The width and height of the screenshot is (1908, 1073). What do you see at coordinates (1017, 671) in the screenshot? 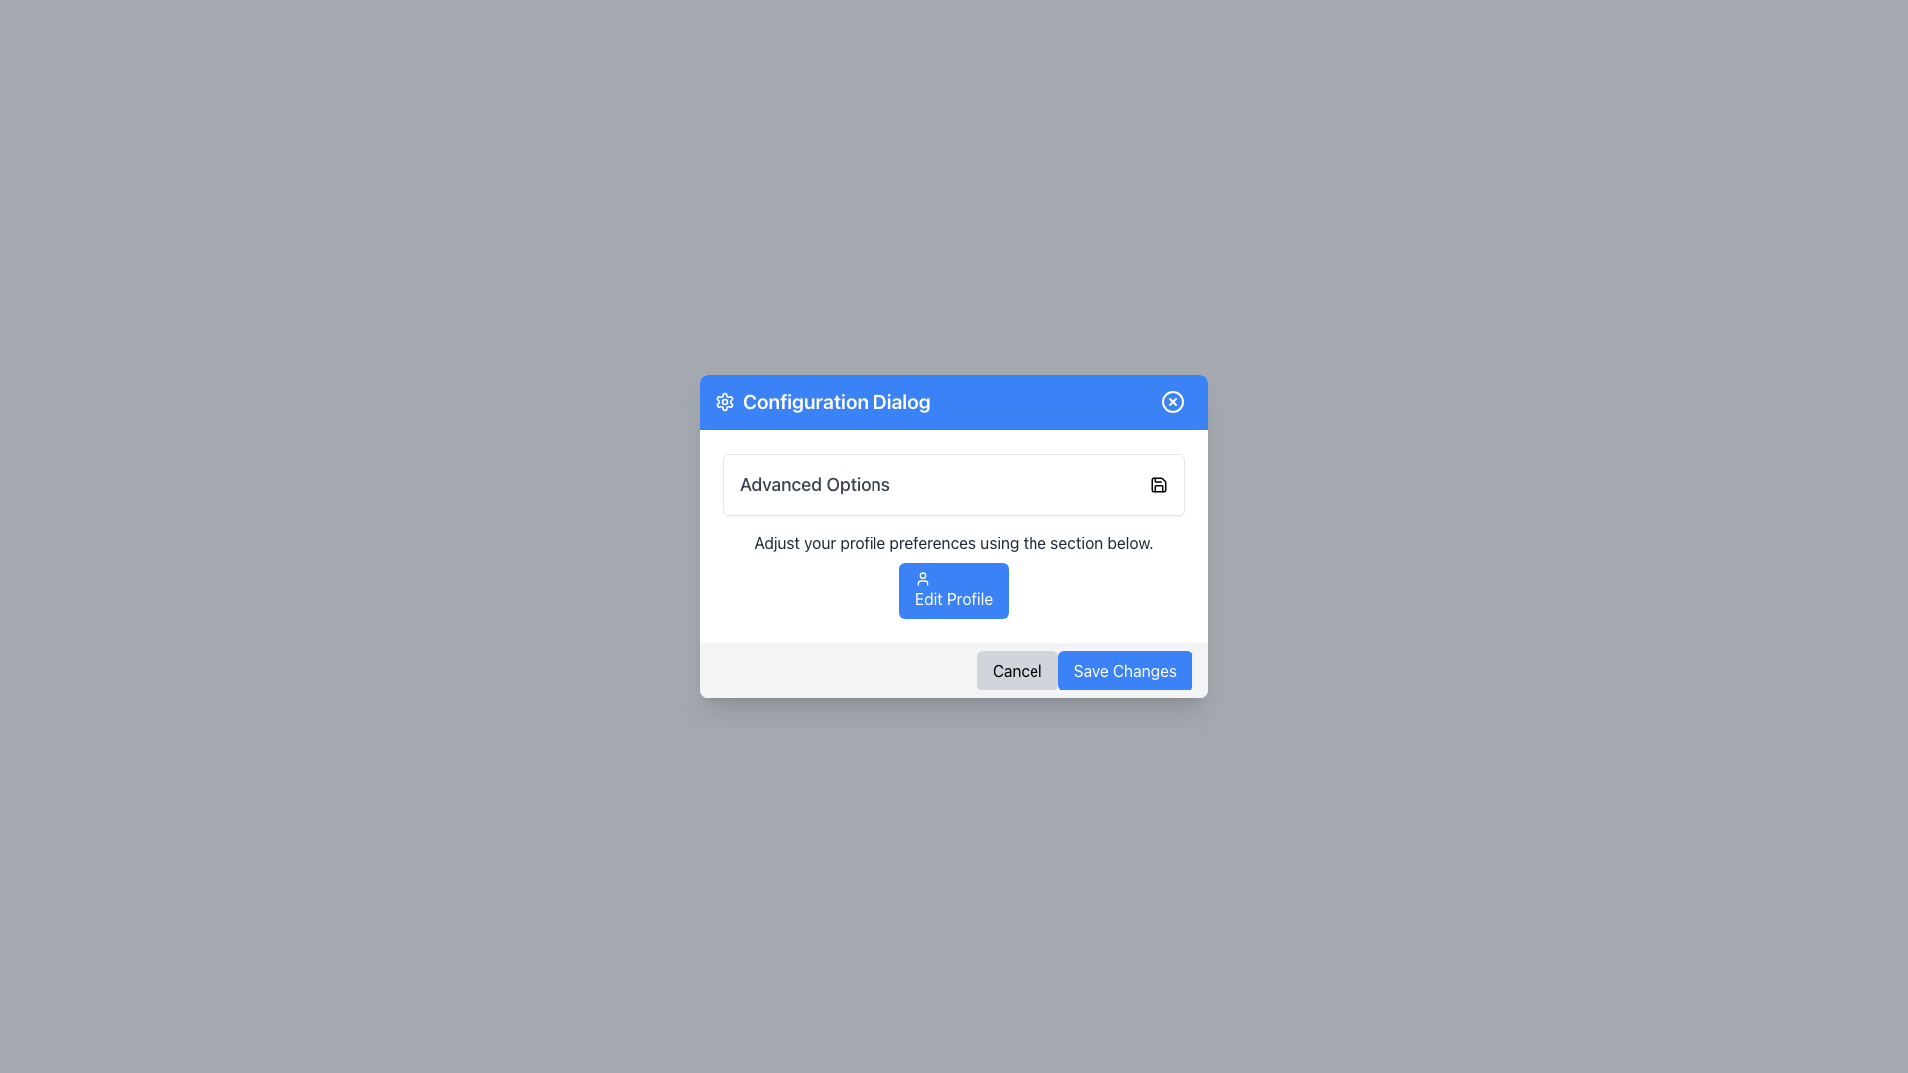
I see `the 'Cancel' button with a light gray background and rounded corners located at the bottom-right area of the modal window, next to the 'Save Changes' button` at bounding box center [1017, 671].